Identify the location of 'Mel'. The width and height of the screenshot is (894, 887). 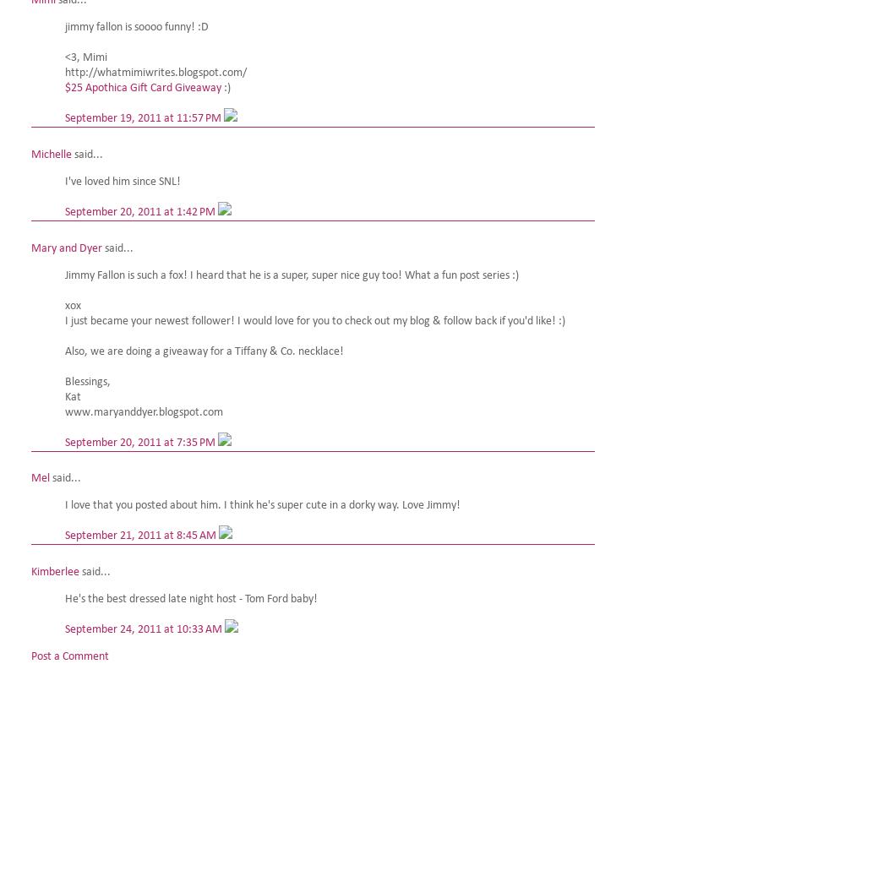
(31, 477).